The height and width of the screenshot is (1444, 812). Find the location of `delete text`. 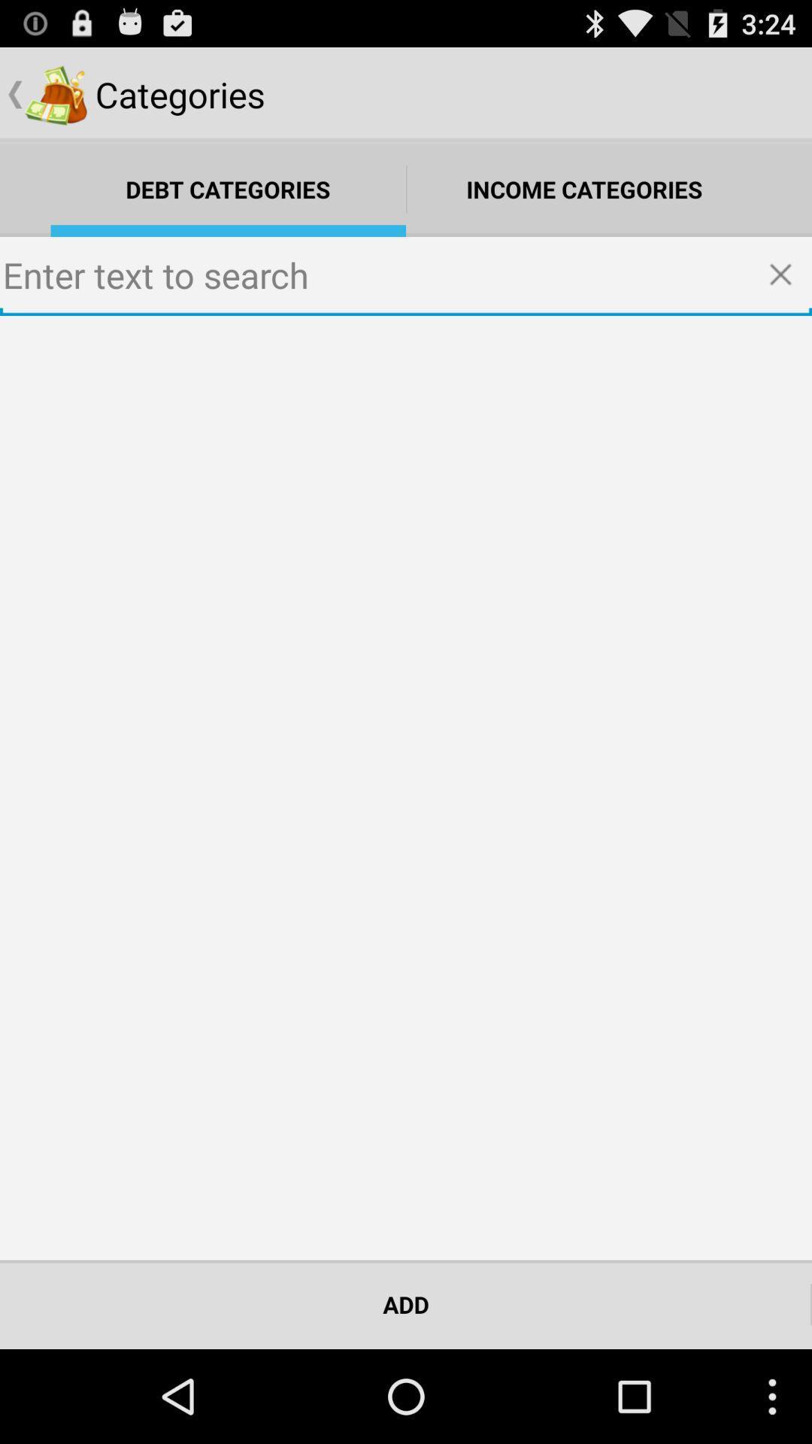

delete text is located at coordinates (785, 276).